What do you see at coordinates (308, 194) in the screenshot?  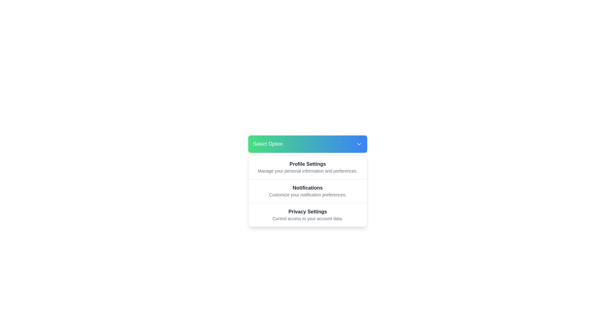 I see `text label 'Customize your notification preferences.' located underneath the 'Notifications' header in the settings menu` at bounding box center [308, 194].